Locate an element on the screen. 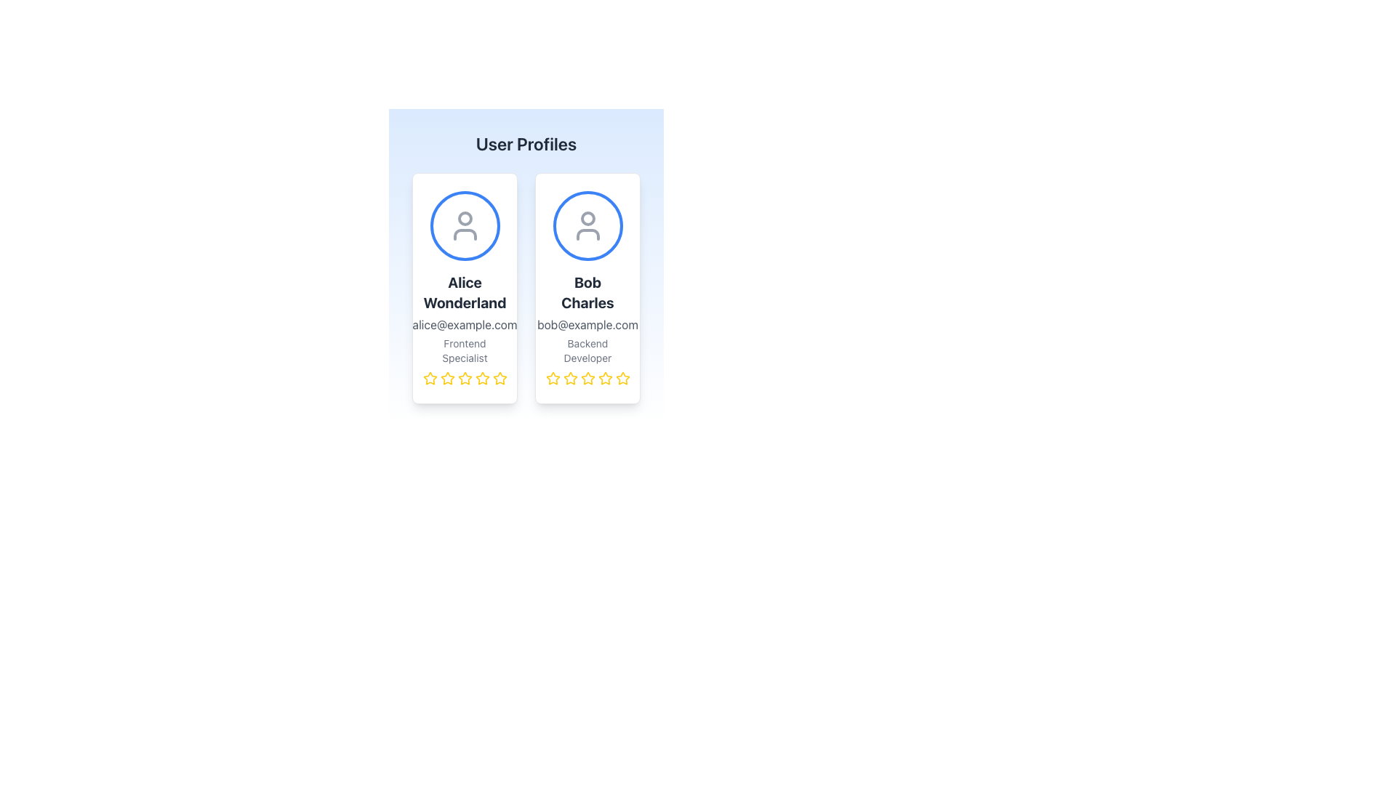 Image resolution: width=1396 pixels, height=785 pixels. the first star icon in the rating options for 'Alice Wonderland' is located at coordinates (446, 377).